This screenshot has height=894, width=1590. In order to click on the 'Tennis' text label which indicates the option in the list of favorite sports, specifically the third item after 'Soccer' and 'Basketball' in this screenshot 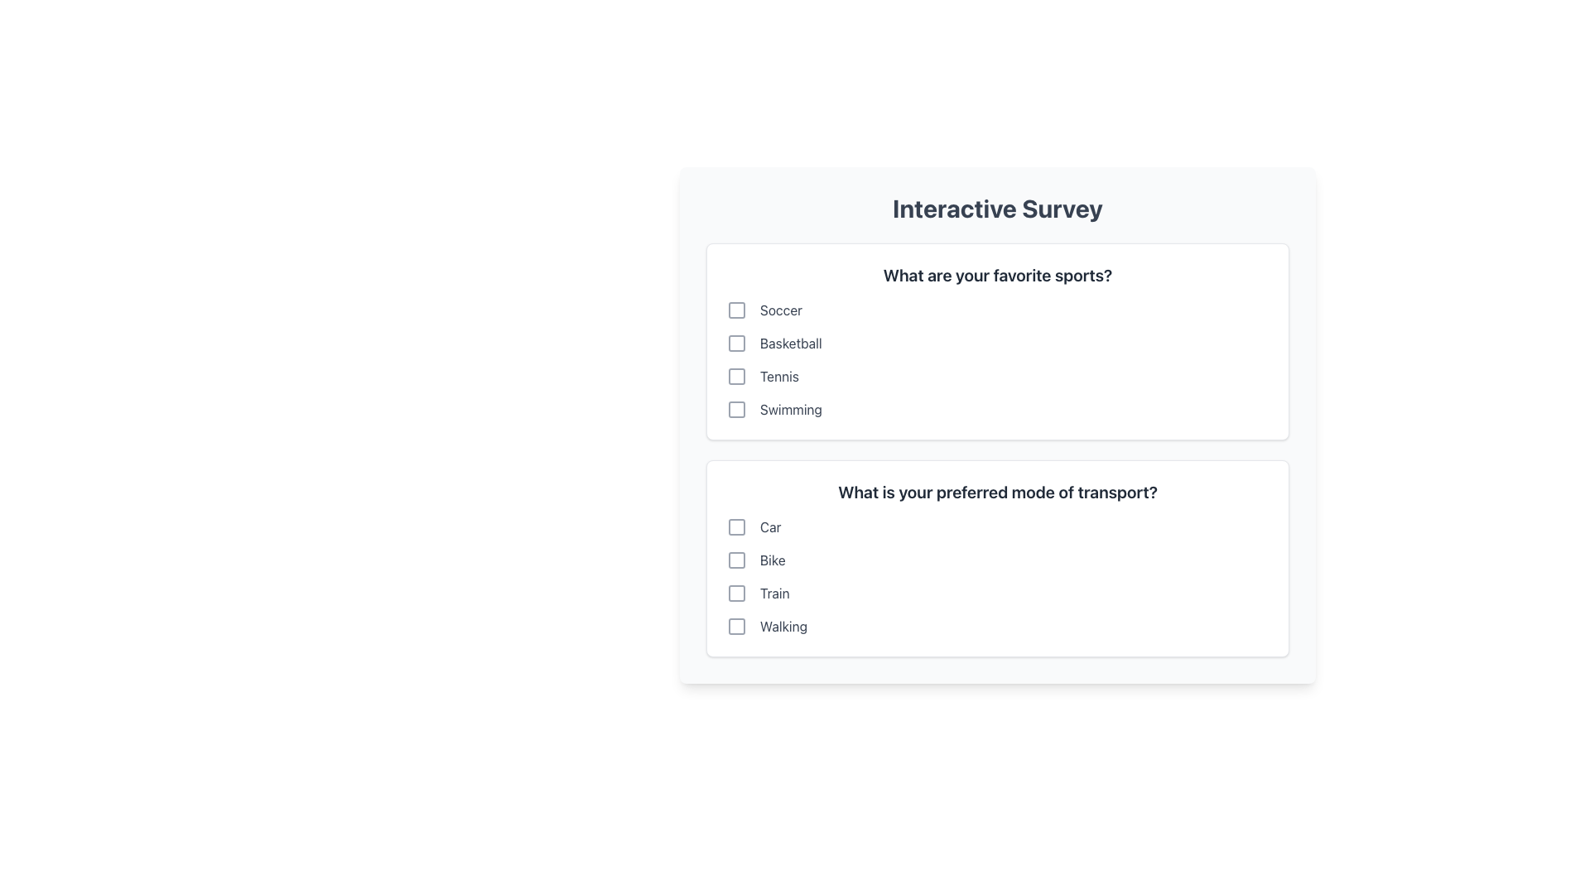, I will do `click(778, 377)`.